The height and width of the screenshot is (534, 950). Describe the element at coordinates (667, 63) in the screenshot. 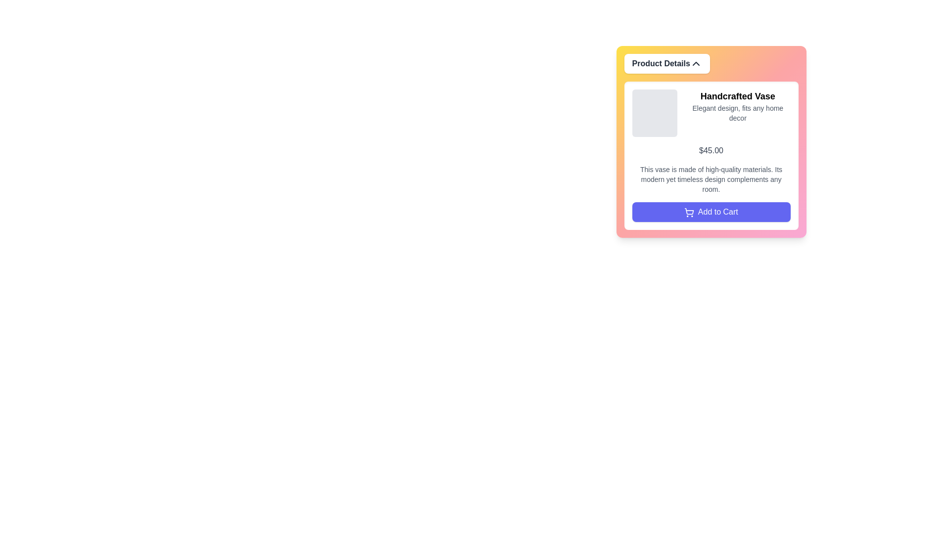

I see `the 'Product Details' button, which is a rectangular button with a white background and an upward-facing chevron icon` at that location.